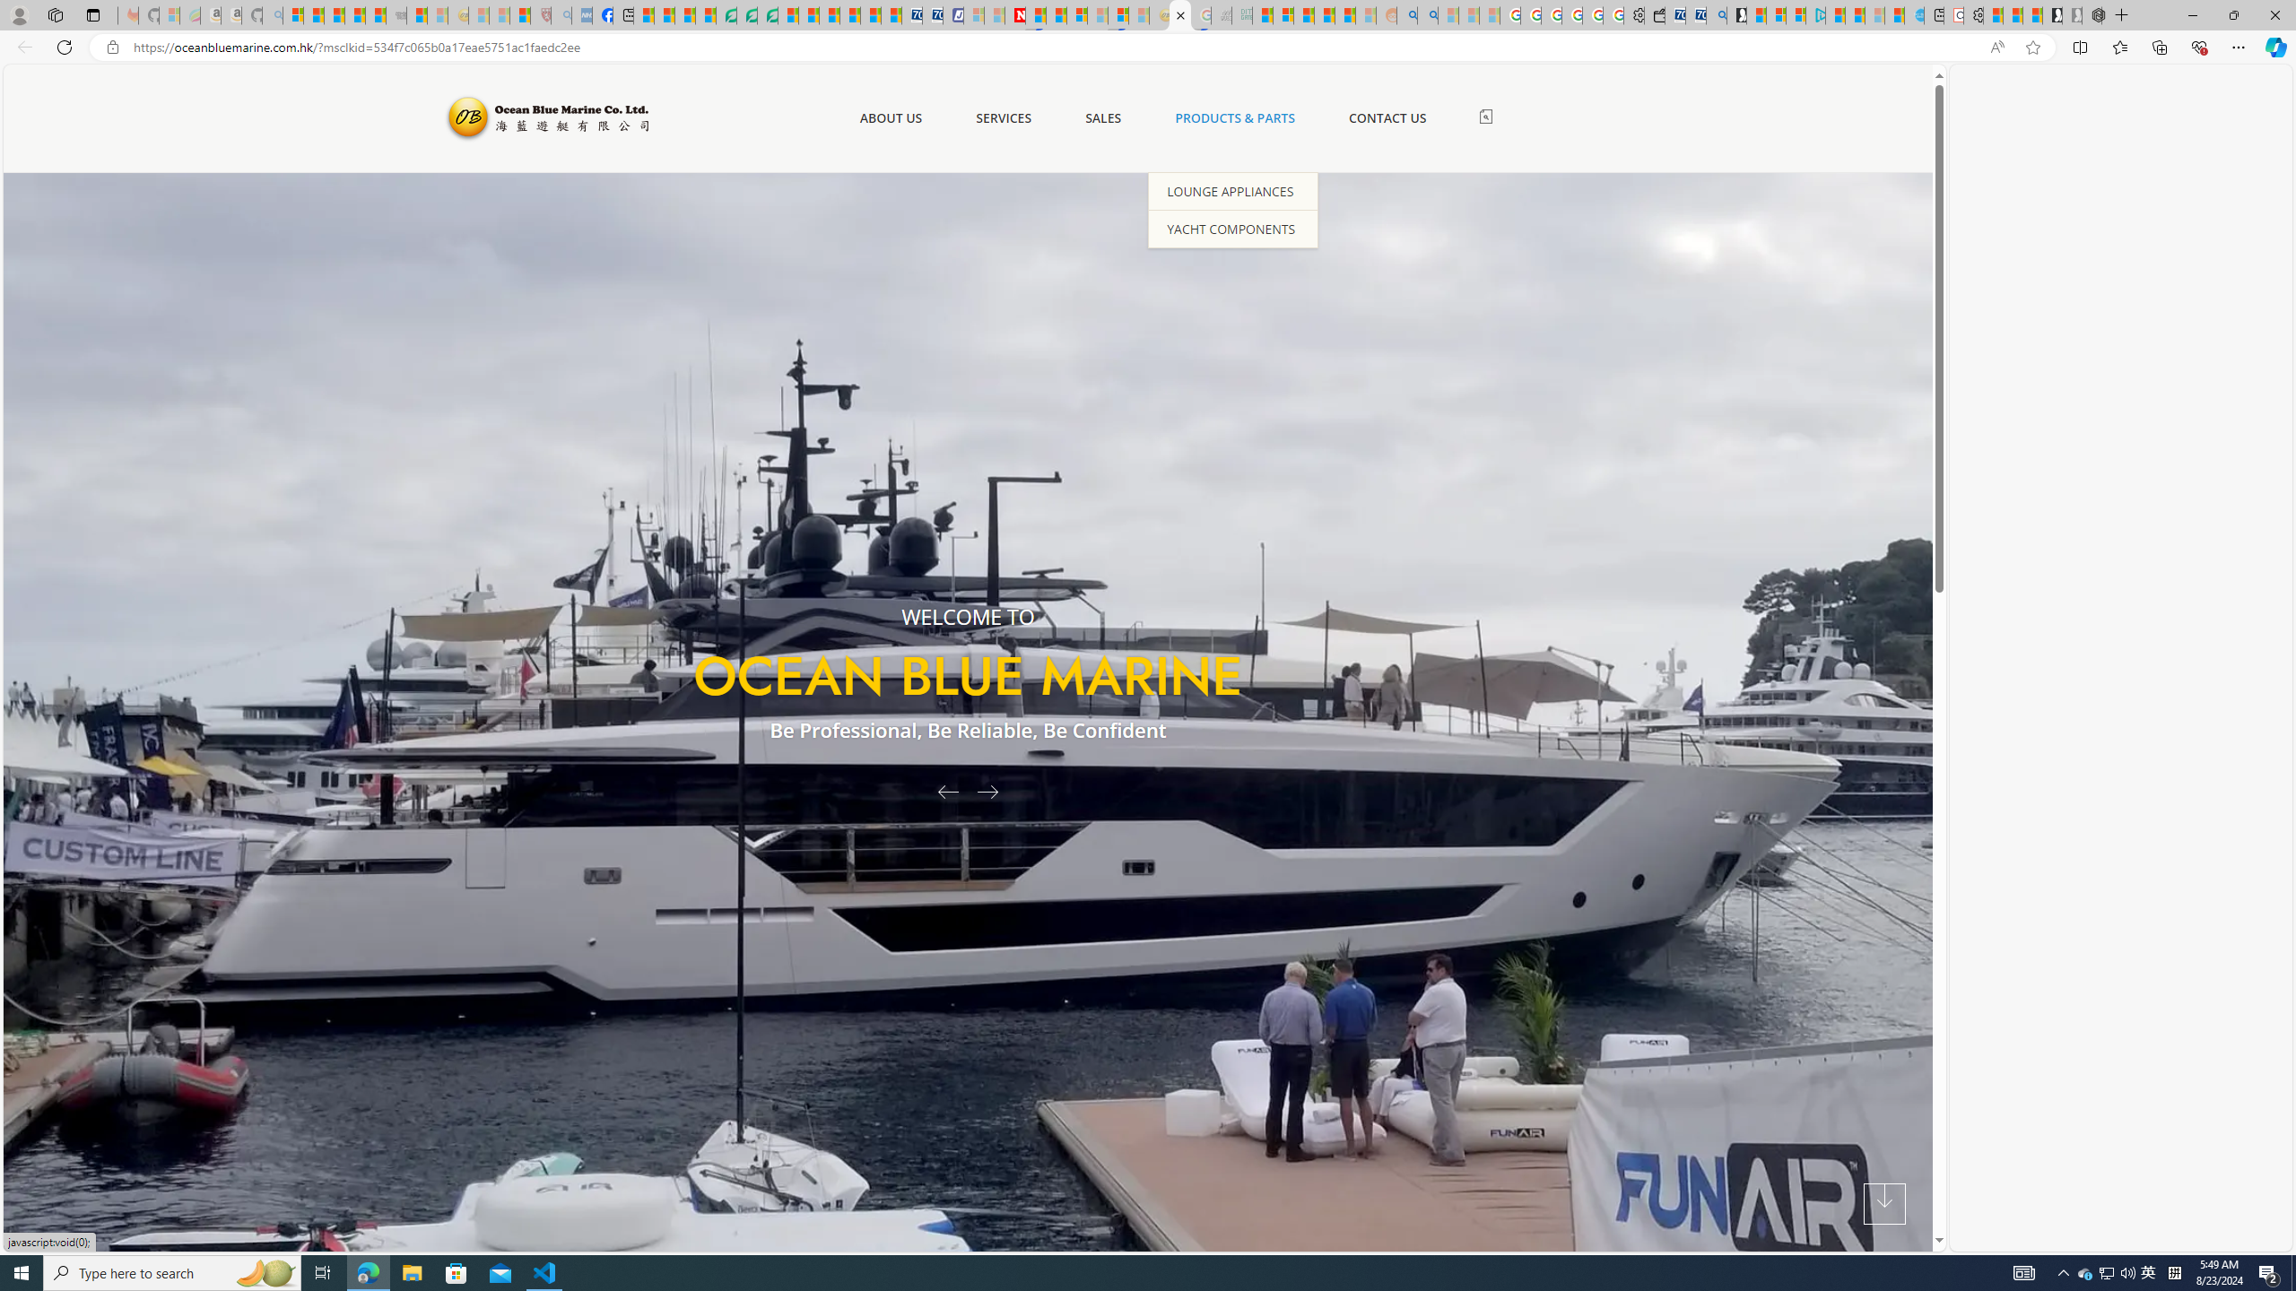 This screenshot has width=2296, height=1291. Describe the element at coordinates (1034, 14) in the screenshot. I see `'Trusted Community Engagement and Contributions | Guidelines'` at that location.